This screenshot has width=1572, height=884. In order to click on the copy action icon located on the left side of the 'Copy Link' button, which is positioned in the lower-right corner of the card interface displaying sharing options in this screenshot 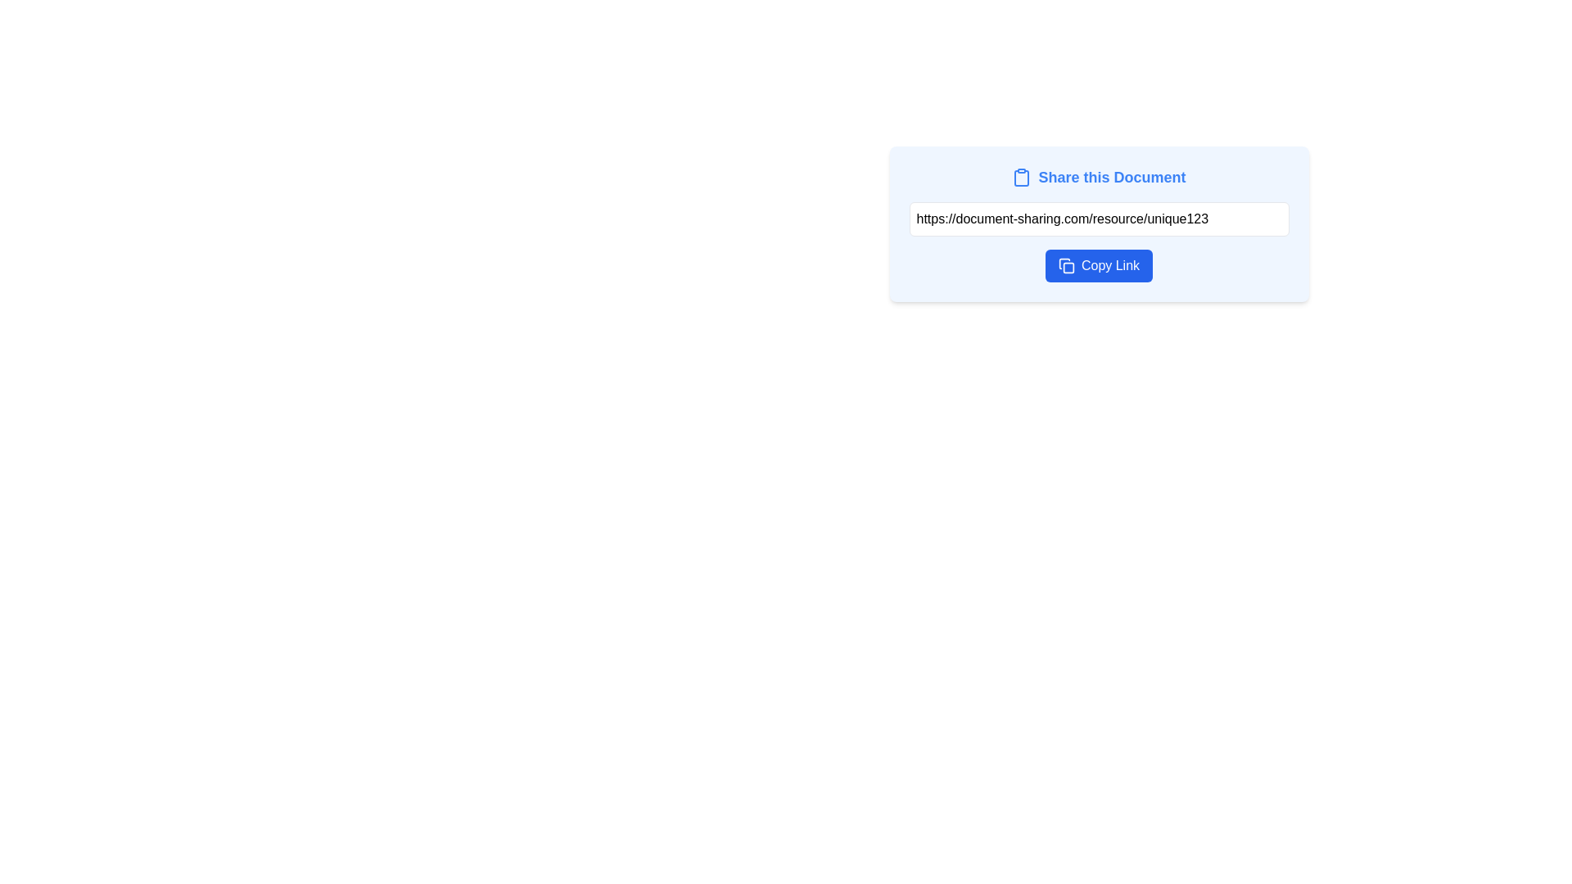, I will do `click(1066, 264)`.